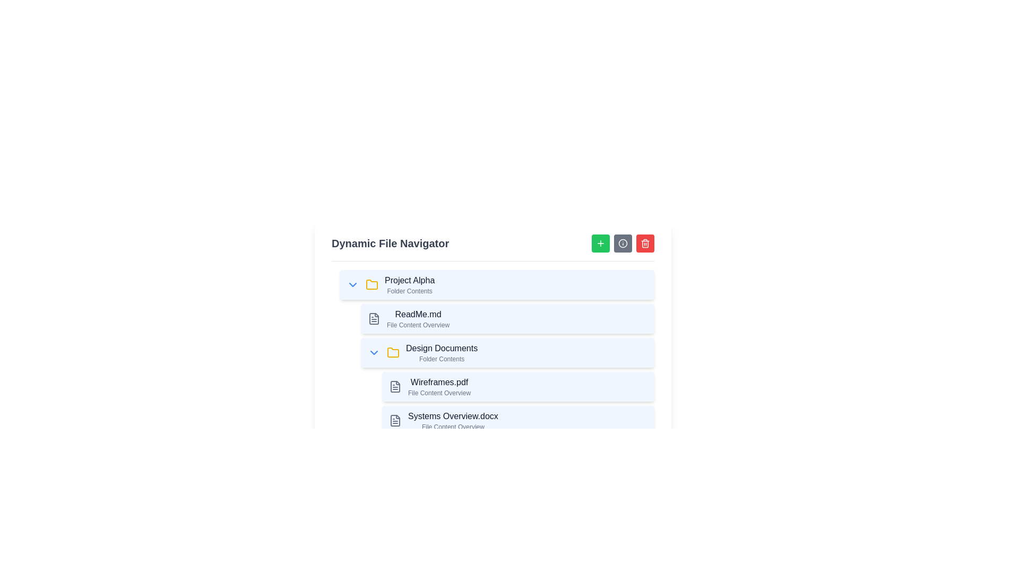  What do you see at coordinates (644, 244) in the screenshot?
I see `the delete button located at the far right of a horizontal button group, which includes a green add button on the left and a gray information button in the middle` at bounding box center [644, 244].